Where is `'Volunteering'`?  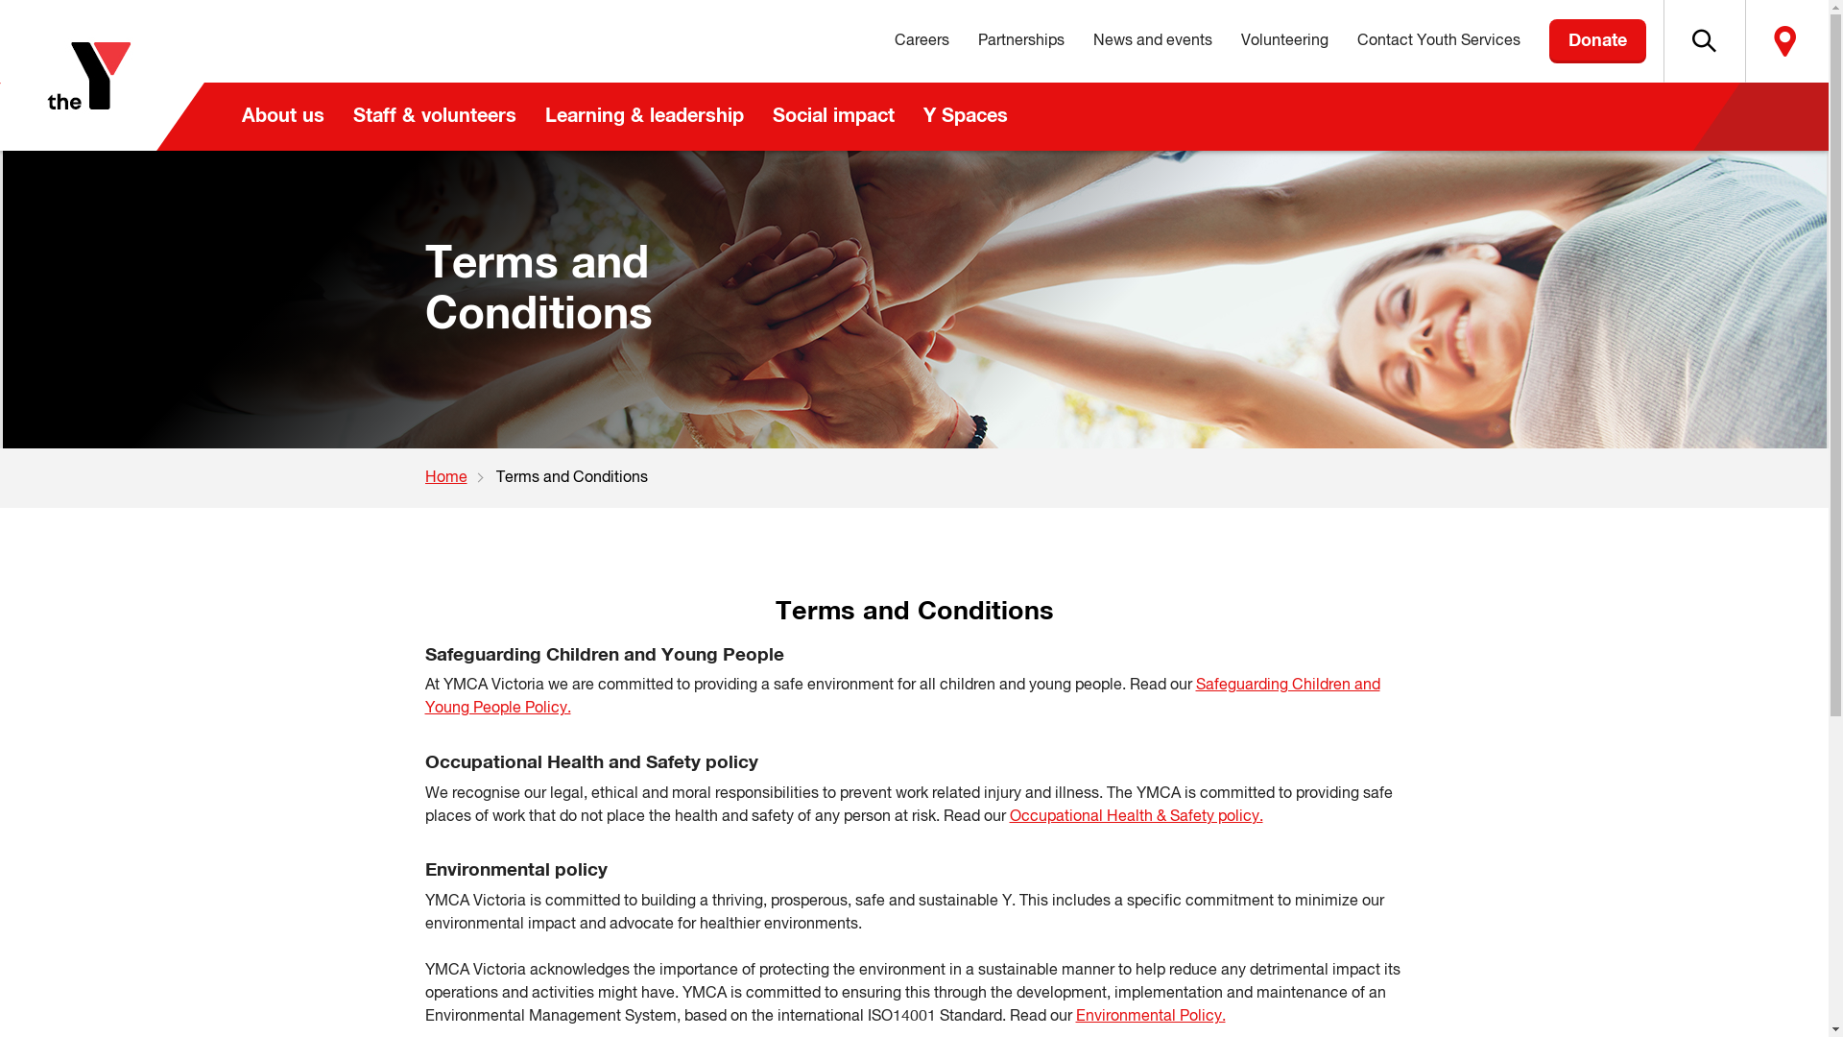
'Volunteering' is located at coordinates (1225, 40).